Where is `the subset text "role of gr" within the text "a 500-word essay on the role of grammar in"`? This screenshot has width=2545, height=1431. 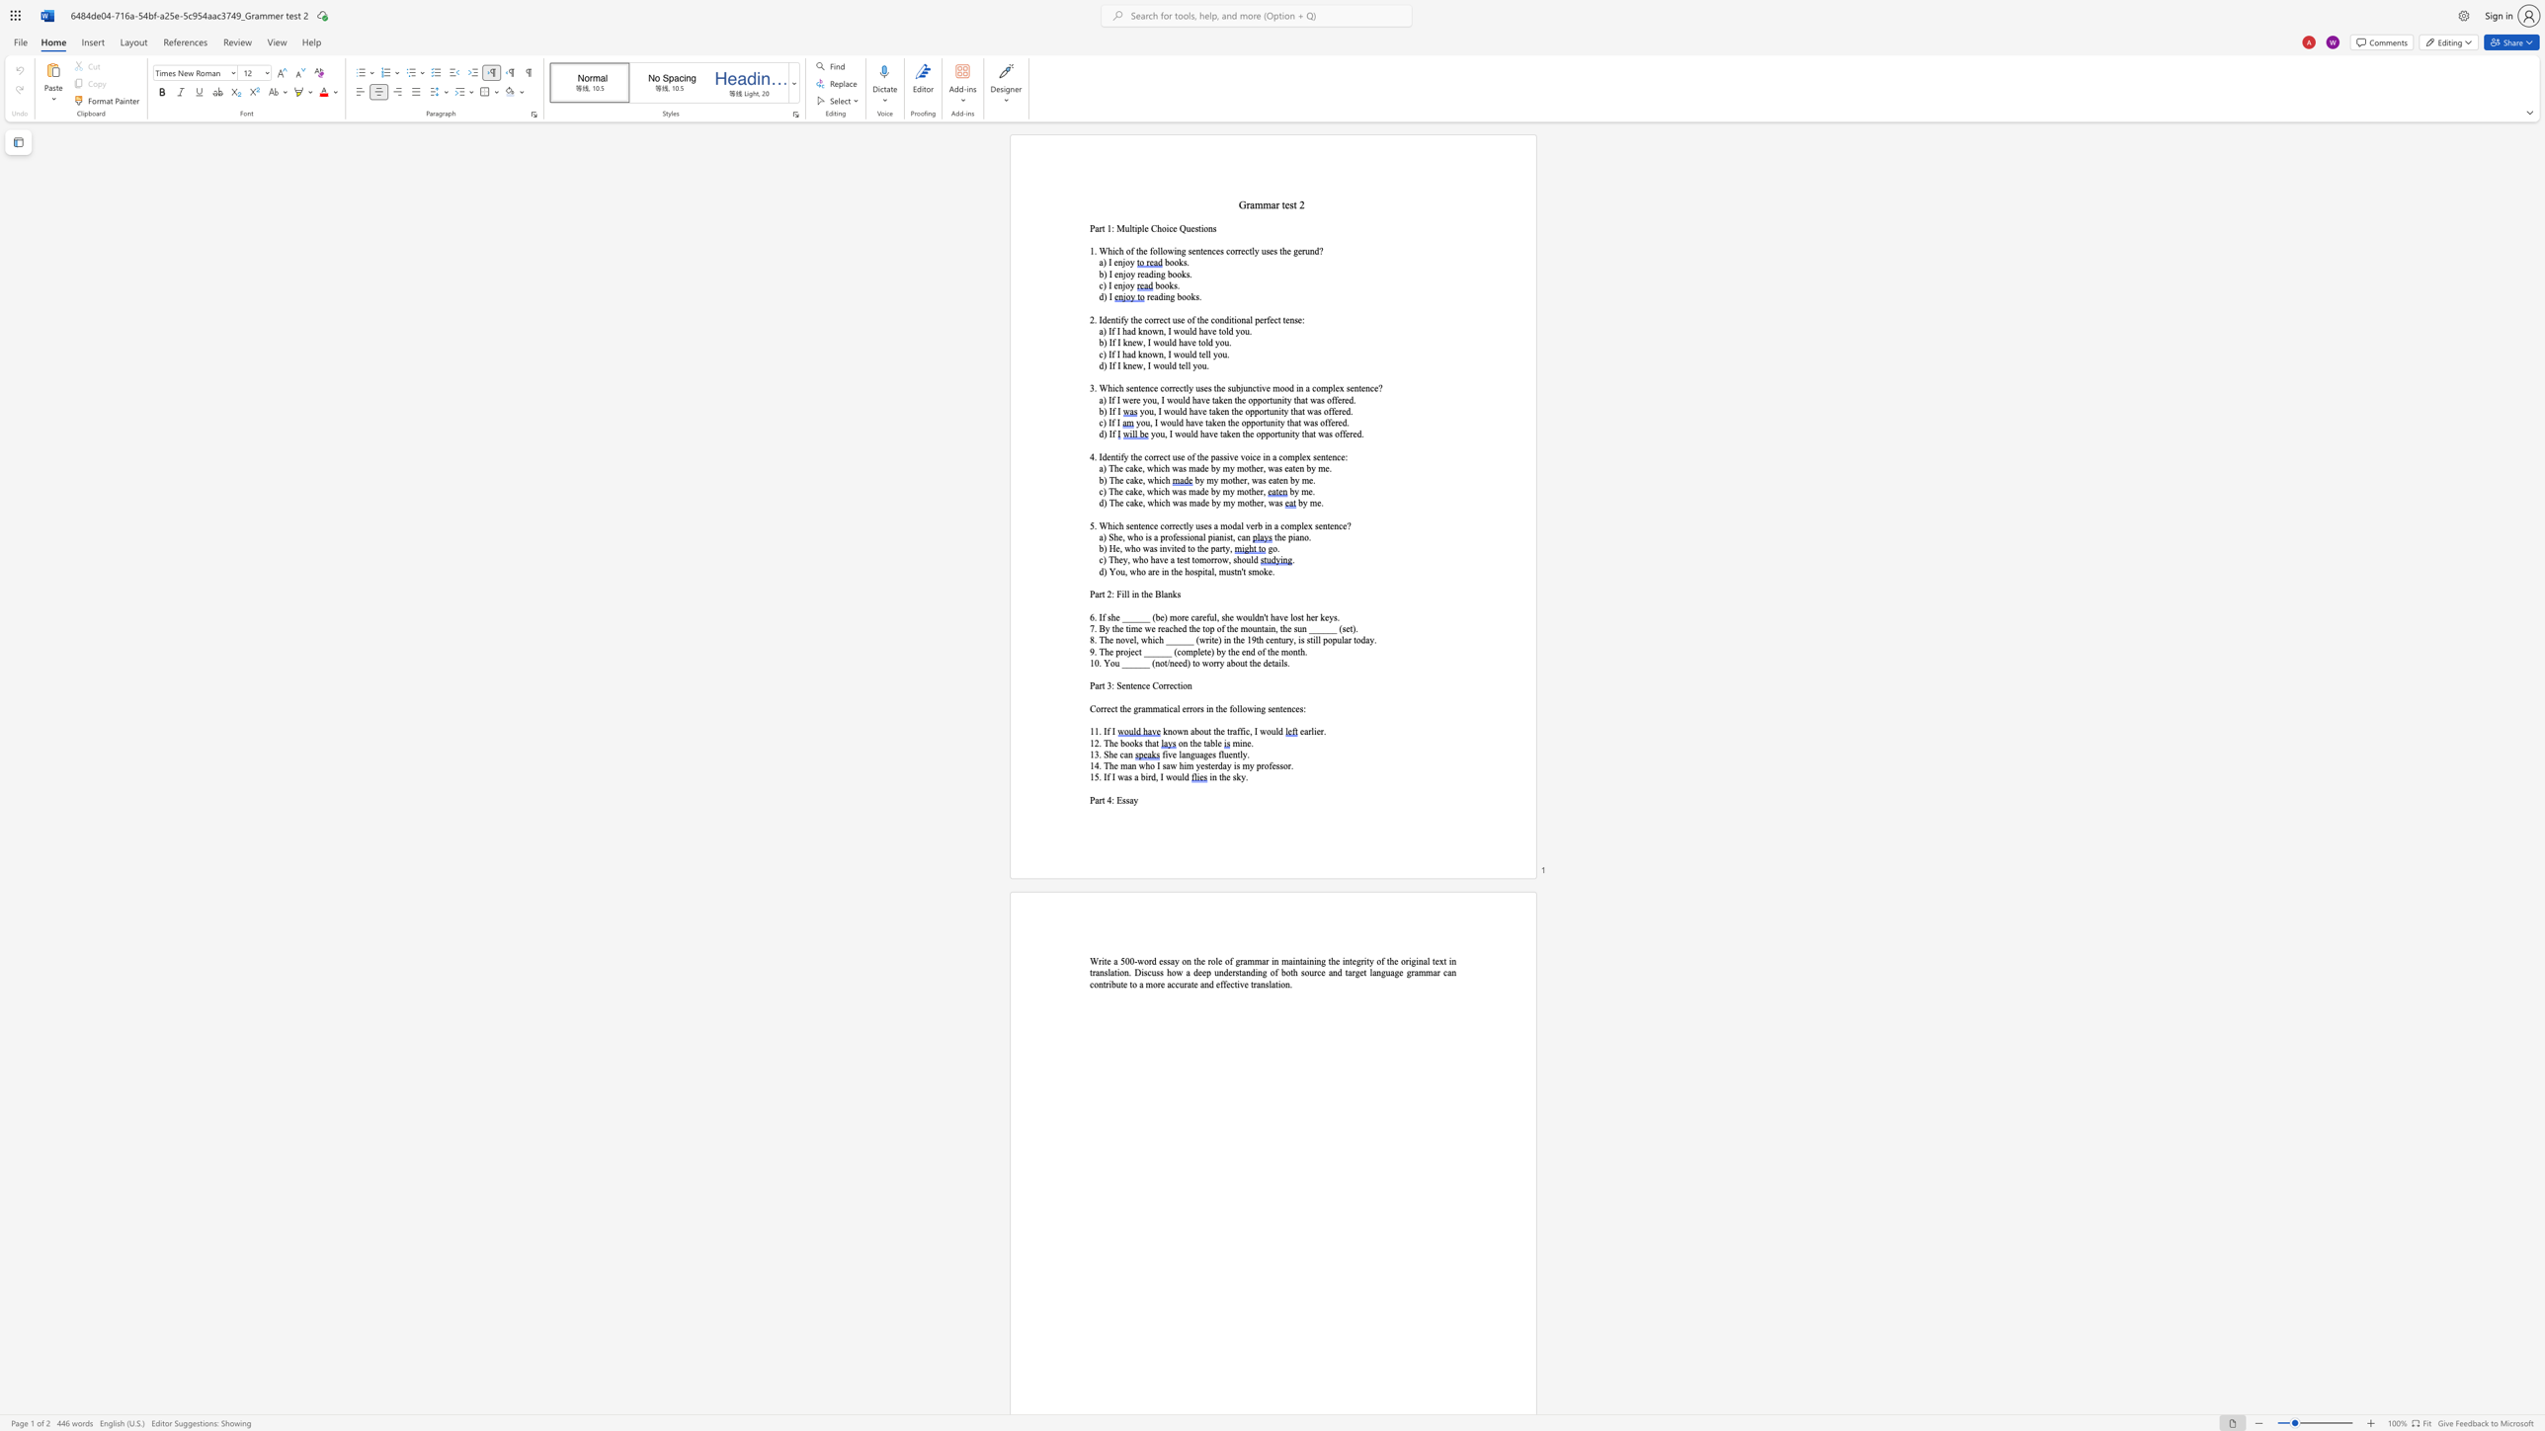
the subset text "role of gr" within the text "a 500-word essay on the role of grammar in" is located at coordinates (1207, 960).